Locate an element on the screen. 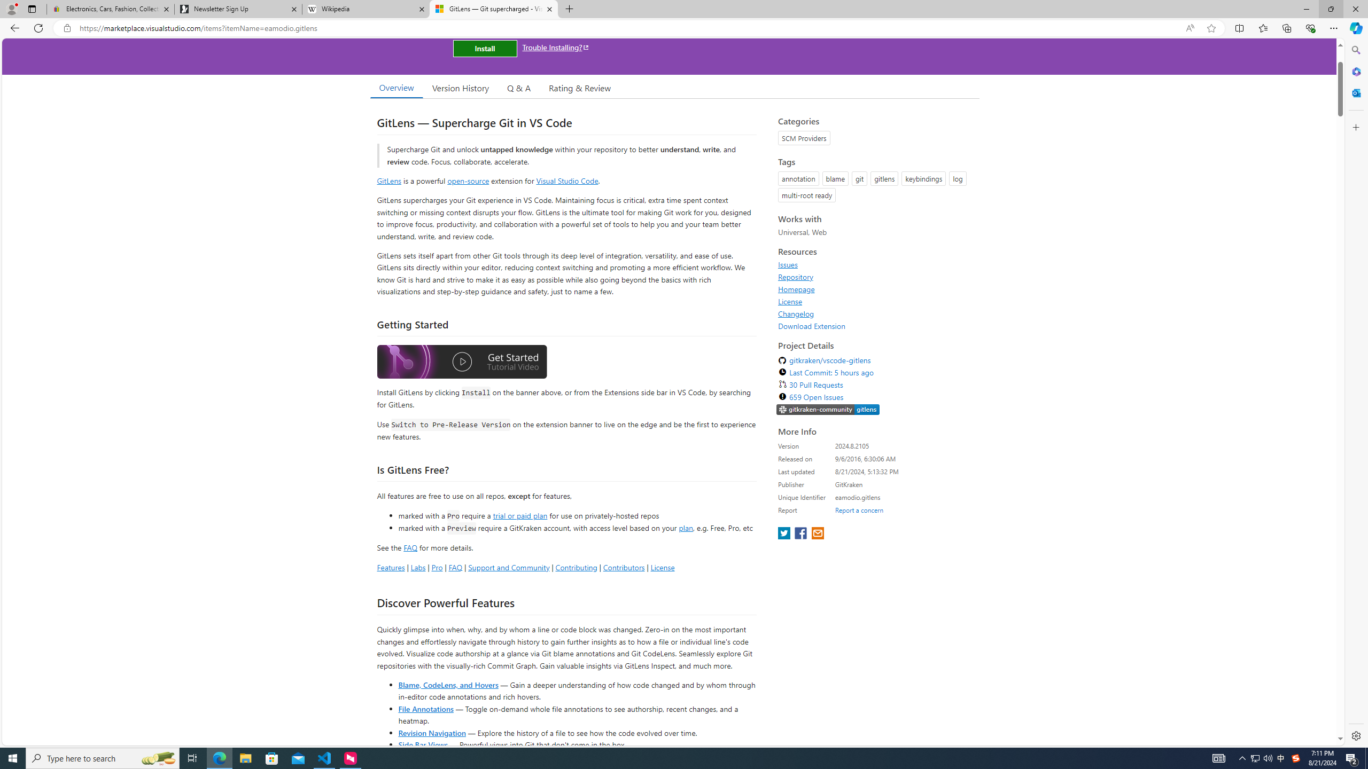 The image size is (1368, 769). 'Side bar' is located at coordinates (1356, 393).